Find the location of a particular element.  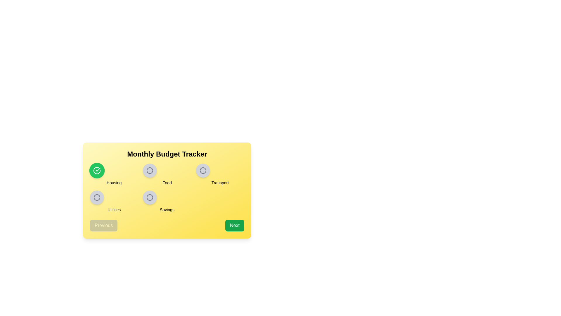

the custom-styled radio button associated with 'Utilities' in the Monthly Budget Tracker interface is located at coordinates (97, 197).